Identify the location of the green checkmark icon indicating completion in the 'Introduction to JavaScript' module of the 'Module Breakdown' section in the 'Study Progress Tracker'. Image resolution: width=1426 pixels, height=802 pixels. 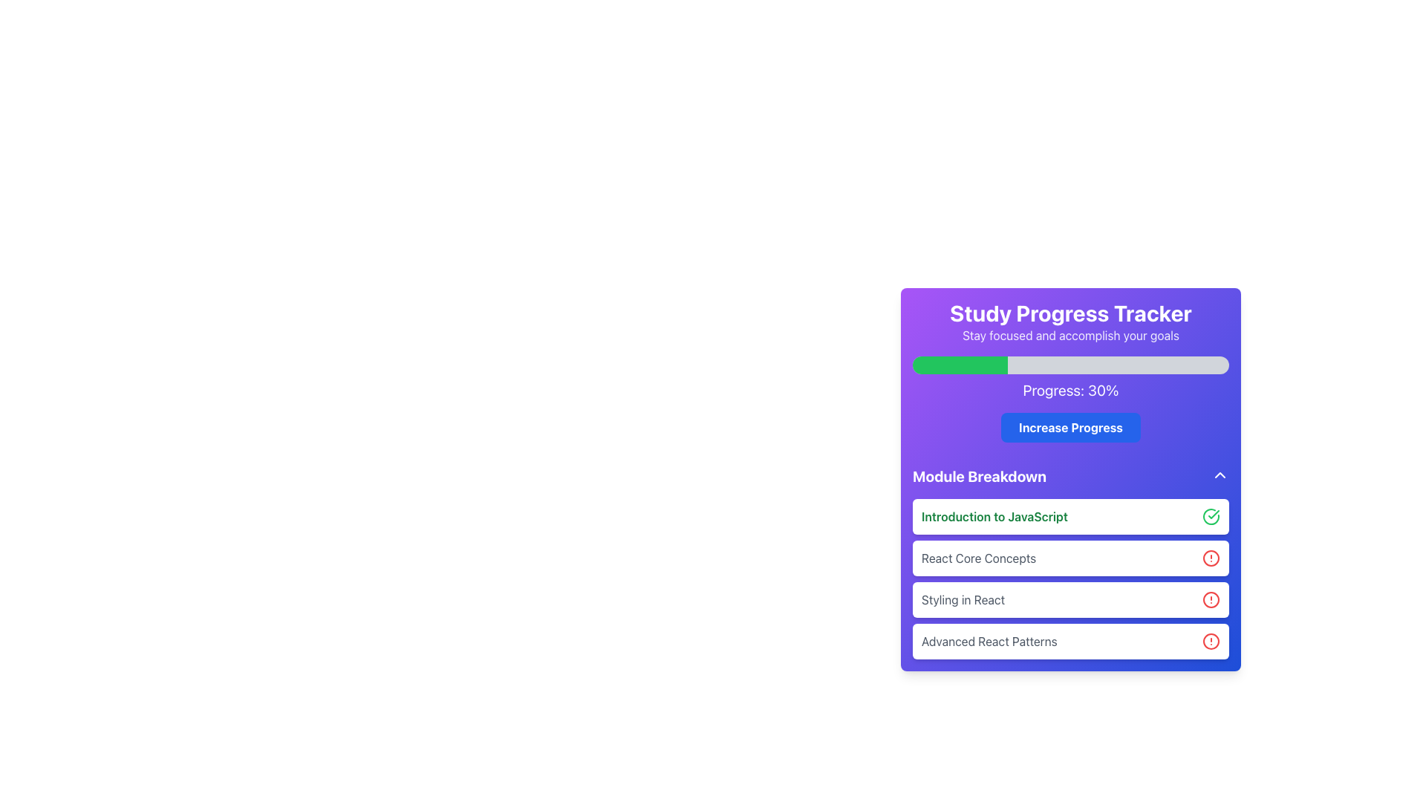
(1214, 514).